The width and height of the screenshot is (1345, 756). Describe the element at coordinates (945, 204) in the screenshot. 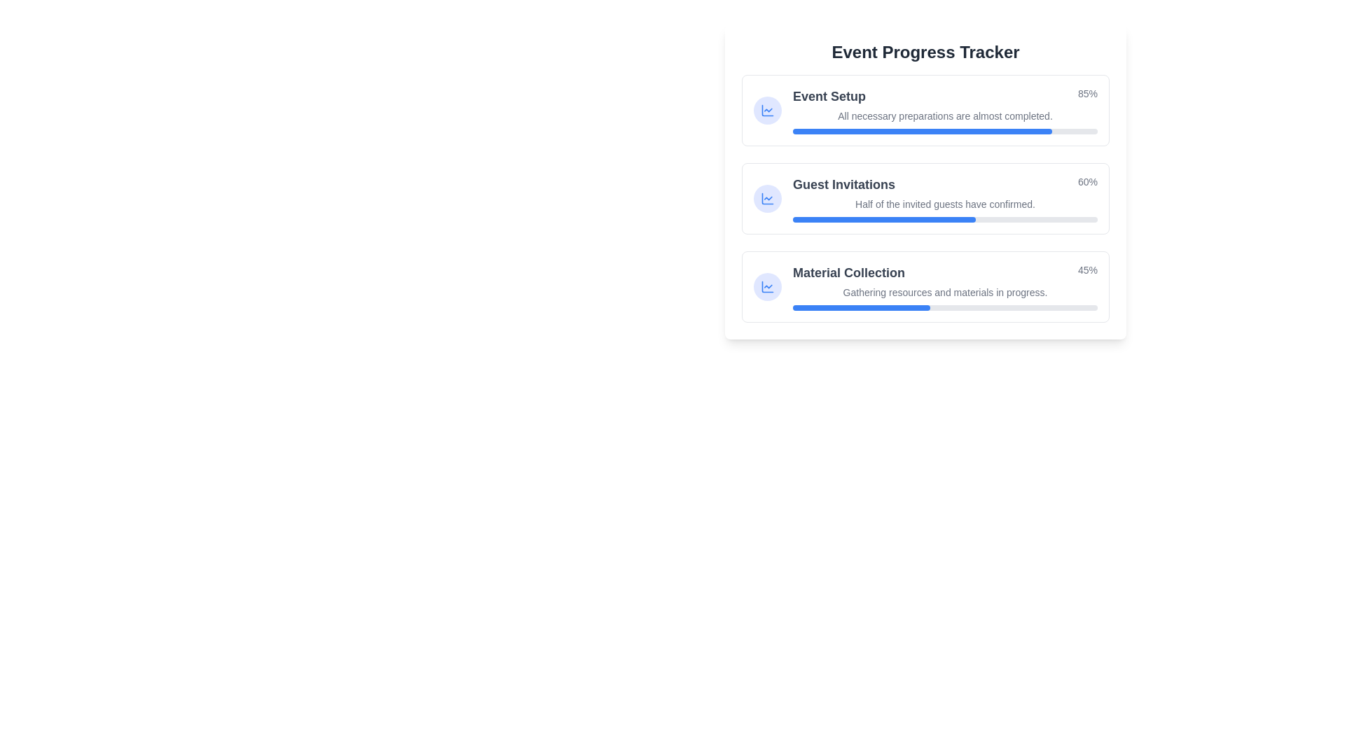

I see `the text label that displays 'Half of the invited guests have confirmed.' located in the 'Guest Invitations' section of the 'Event Progress Tracker' interface` at that location.